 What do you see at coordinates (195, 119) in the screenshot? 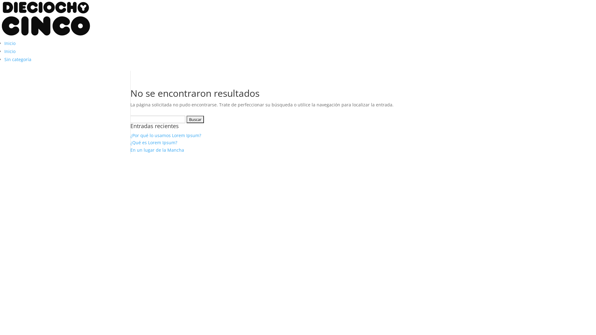
I see `'Buscar'` at bounding box center [195, 119].